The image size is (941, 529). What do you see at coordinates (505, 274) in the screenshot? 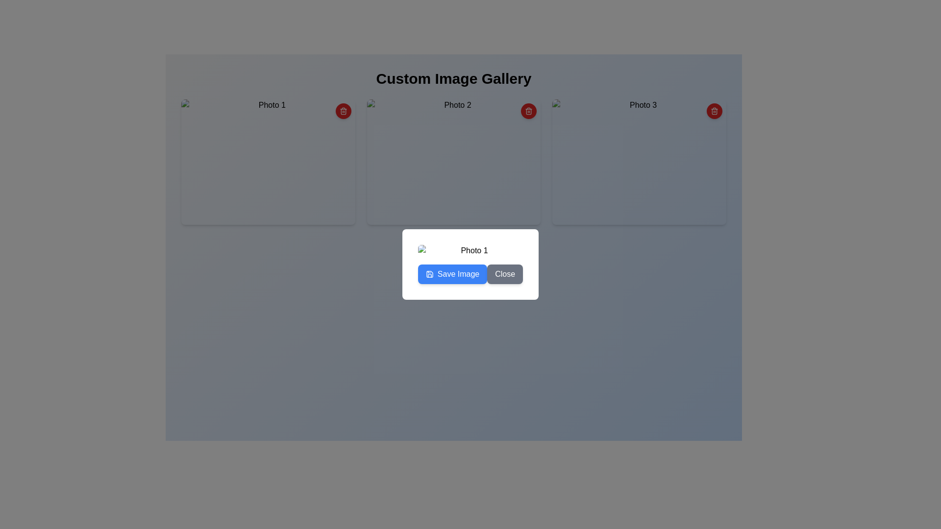
I see `the 'Close' button with a gray background and white text` at bounding box center [505, 274].